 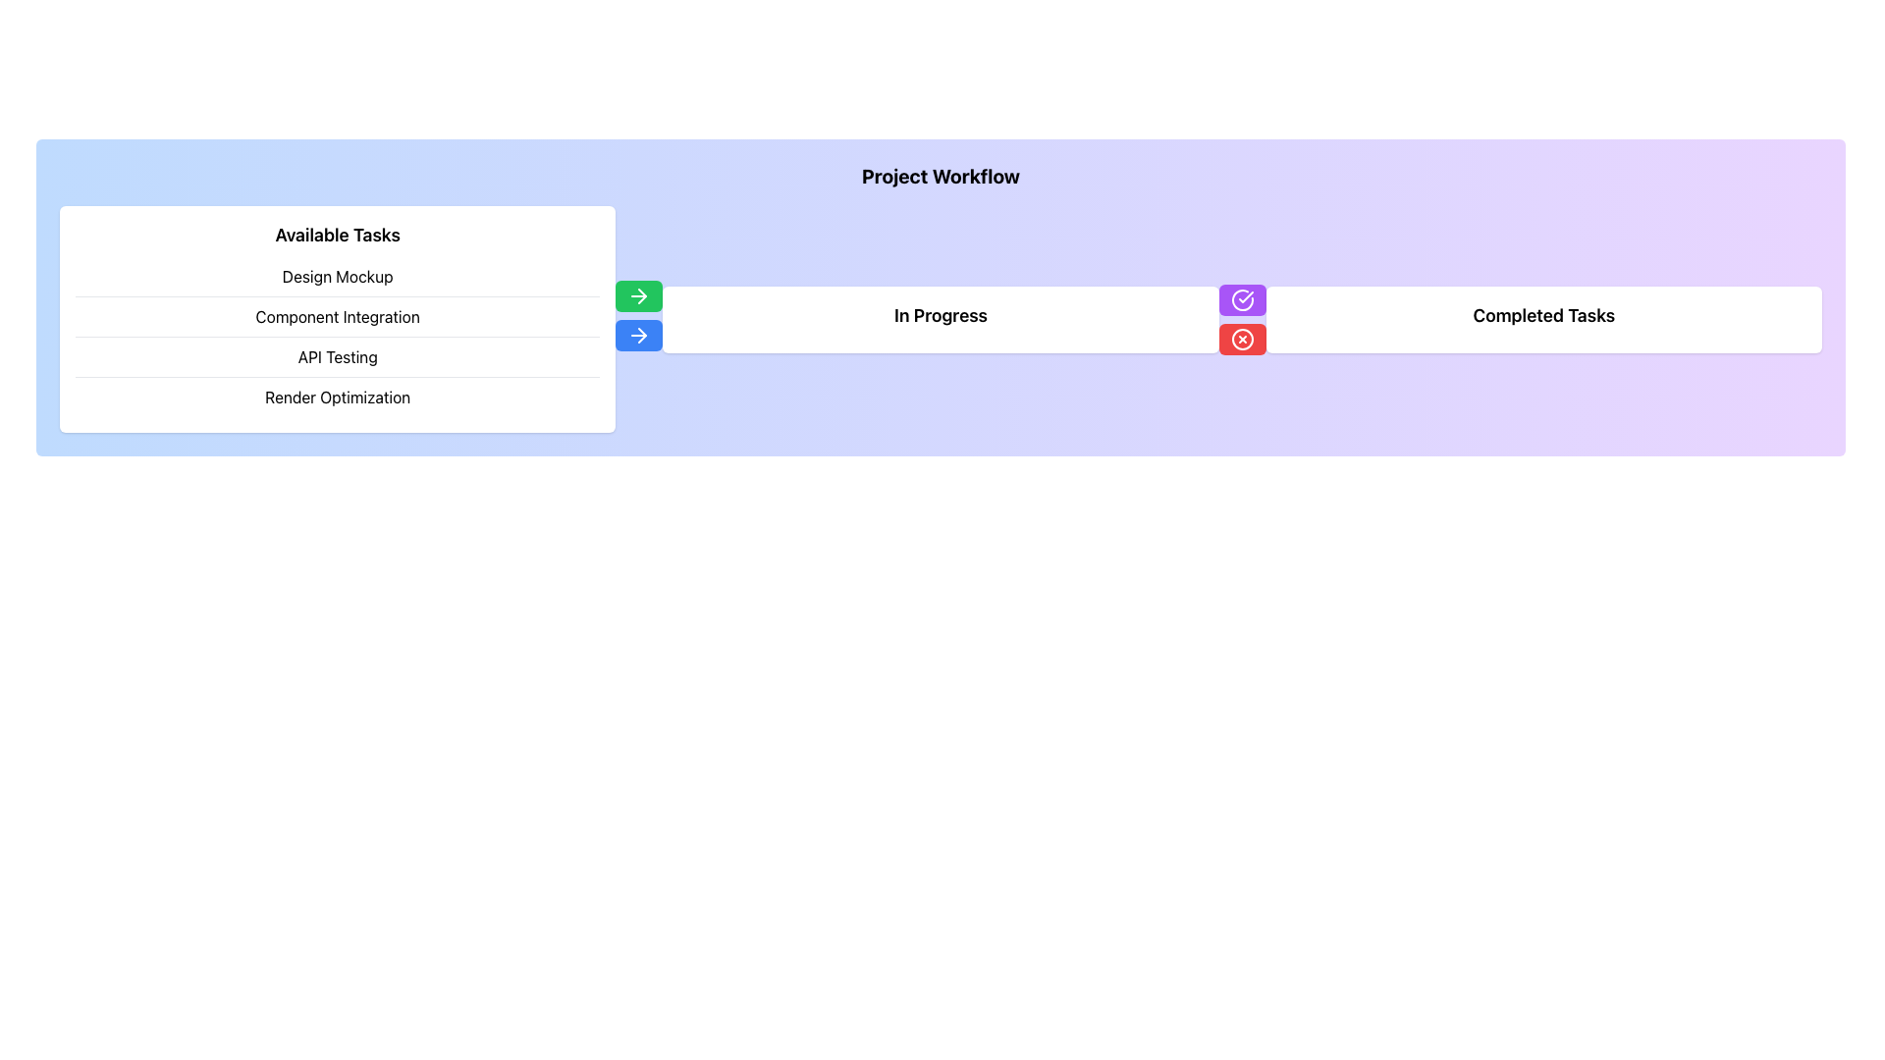 What do you see at coordinates (639, 295) in the screenshot?
I see `the arrow icon located in the second row of action buttons in the 'Available Tasks' list, positioned to the right of the 'Component Integration' task, to initiate the transition of tasks to the 'In Progress' section` at bounding box center [639, 295].